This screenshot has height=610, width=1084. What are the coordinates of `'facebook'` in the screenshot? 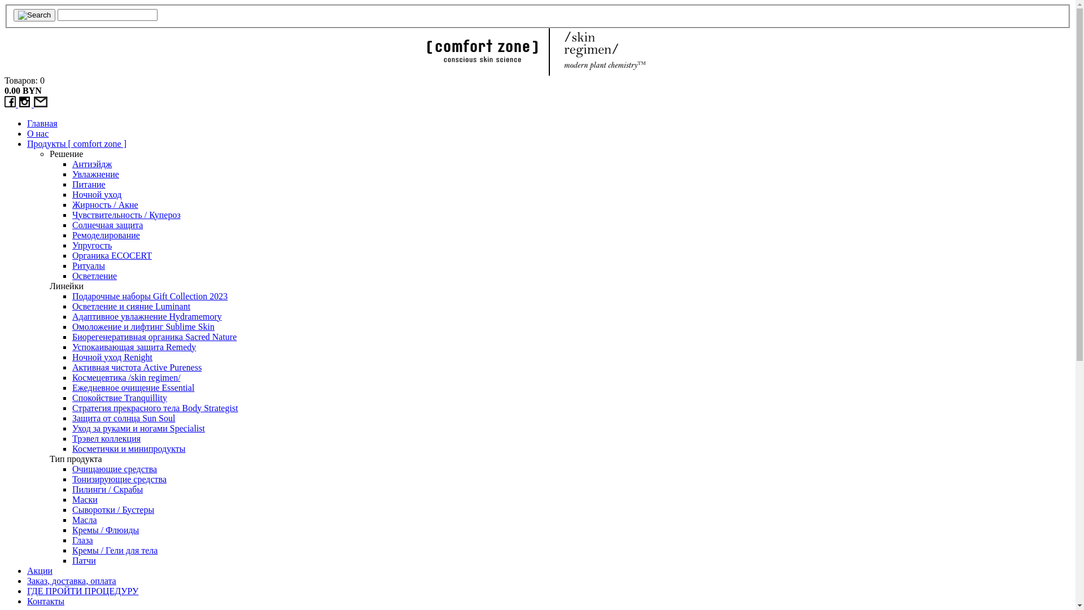 It's located at (11, 104).